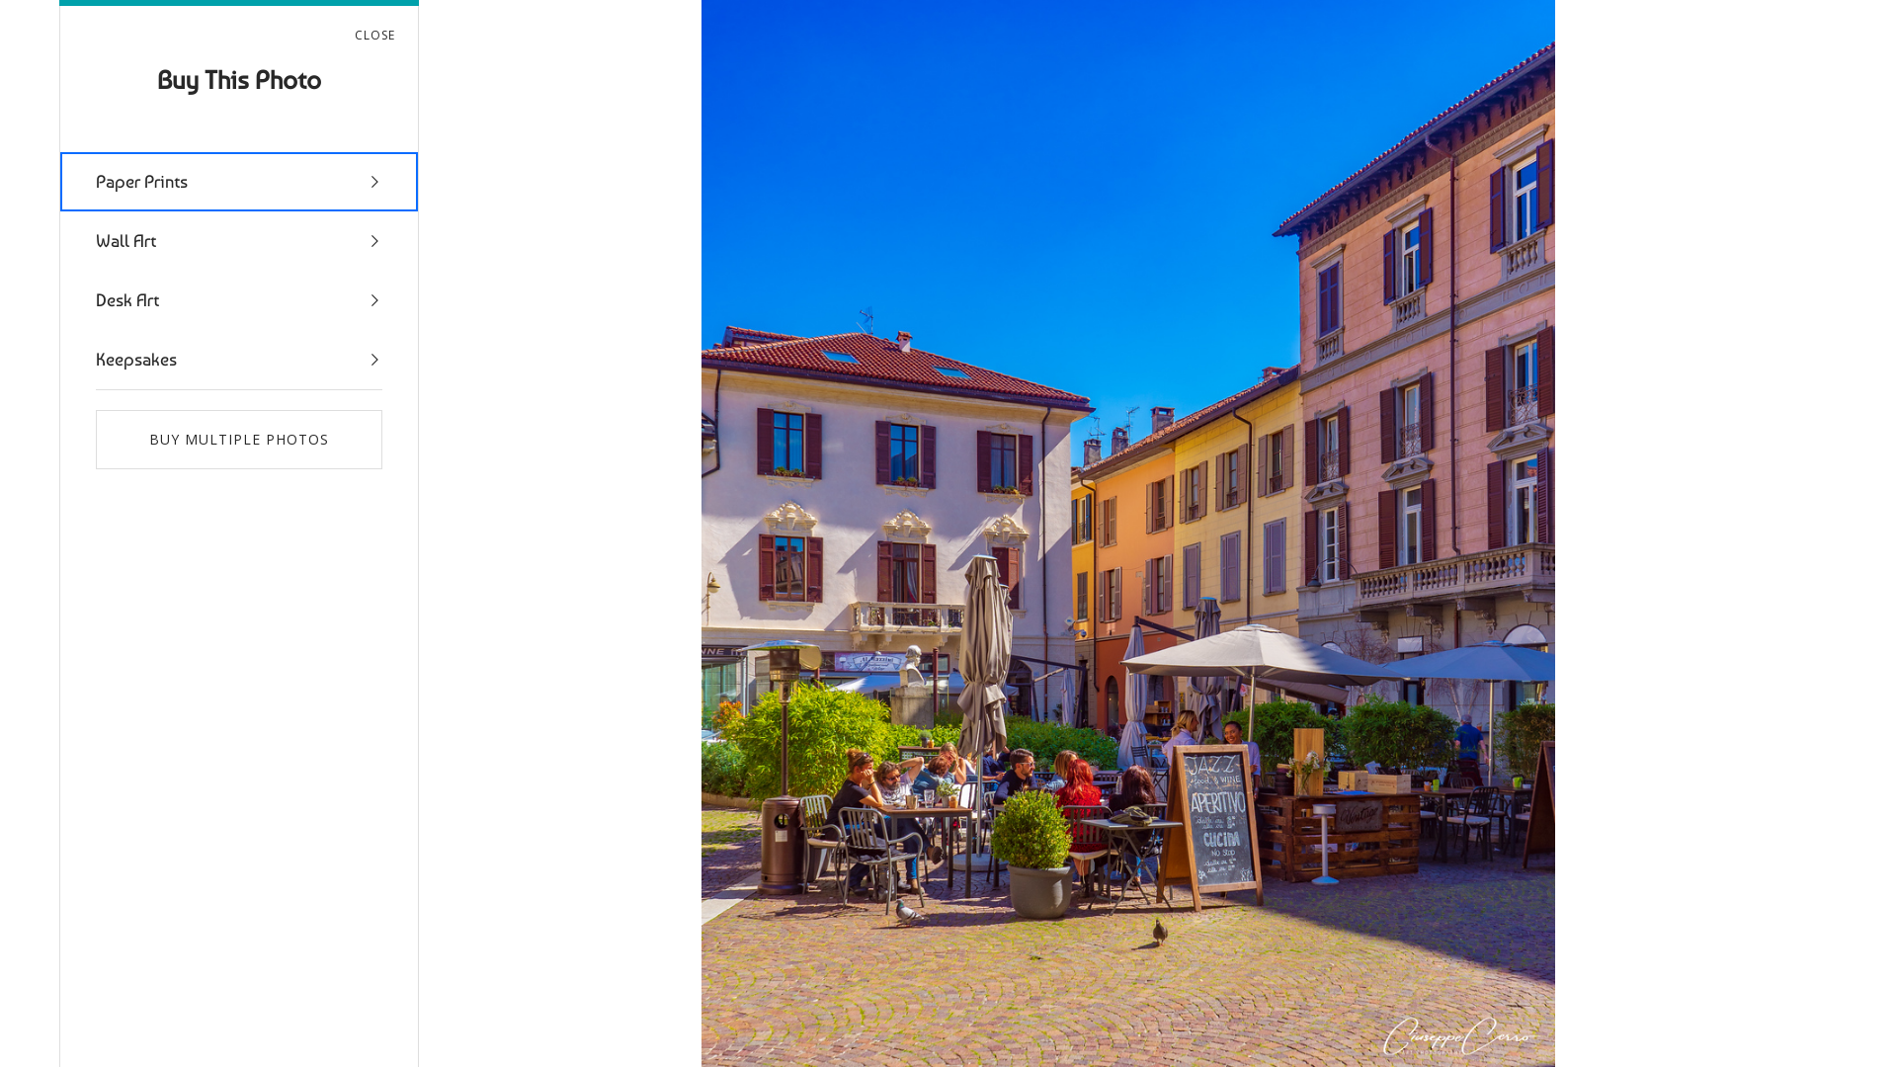 The width and height of the screenshot is (1897, 1067). I want to click on 'Paper Prints', so click(237, 182).